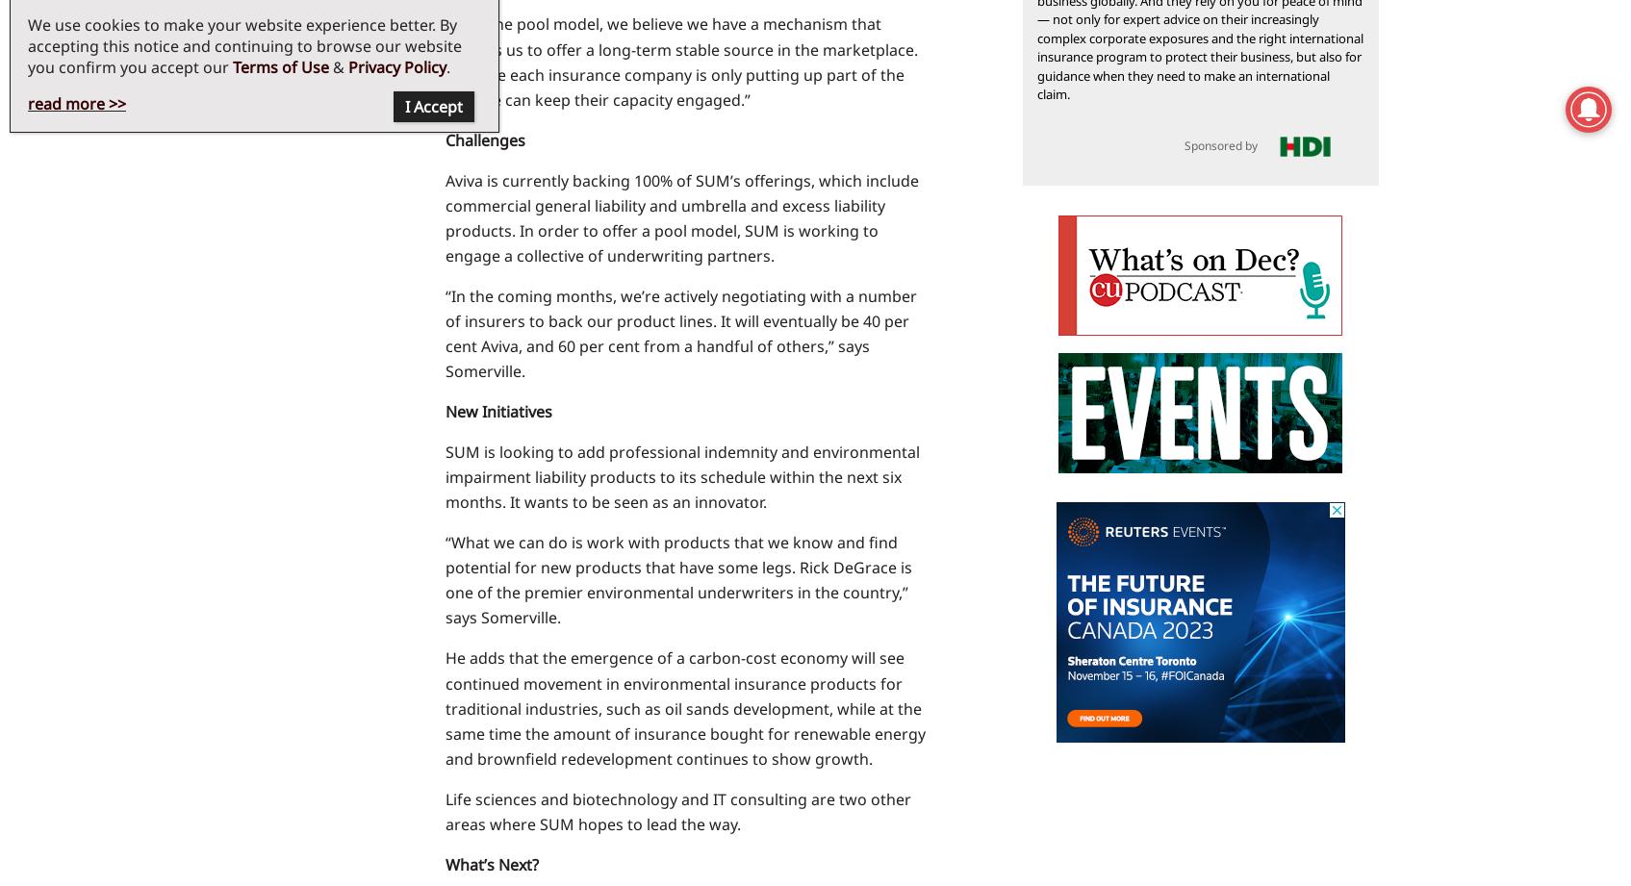 This screenshot has height=886, width=1631. What do you see at coordinates (444, 333) in the screenshot?
I see `'“In the coming months, we’re actively negotiating with a number of insurers to back our product lines. It will eventually be 40 per cent Aviva, and 60 per cent from a handful of others,” says Somerville.'` at bounding box center [444, 333].